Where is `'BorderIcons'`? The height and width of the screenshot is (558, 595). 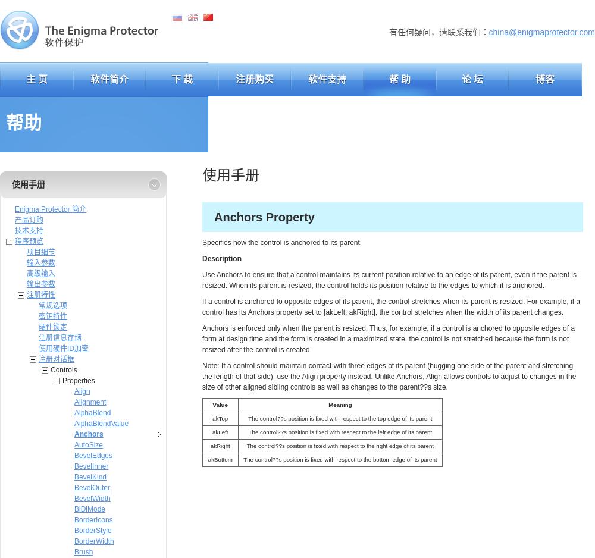 'BorderIcons' is located at coordinates (74, 520).